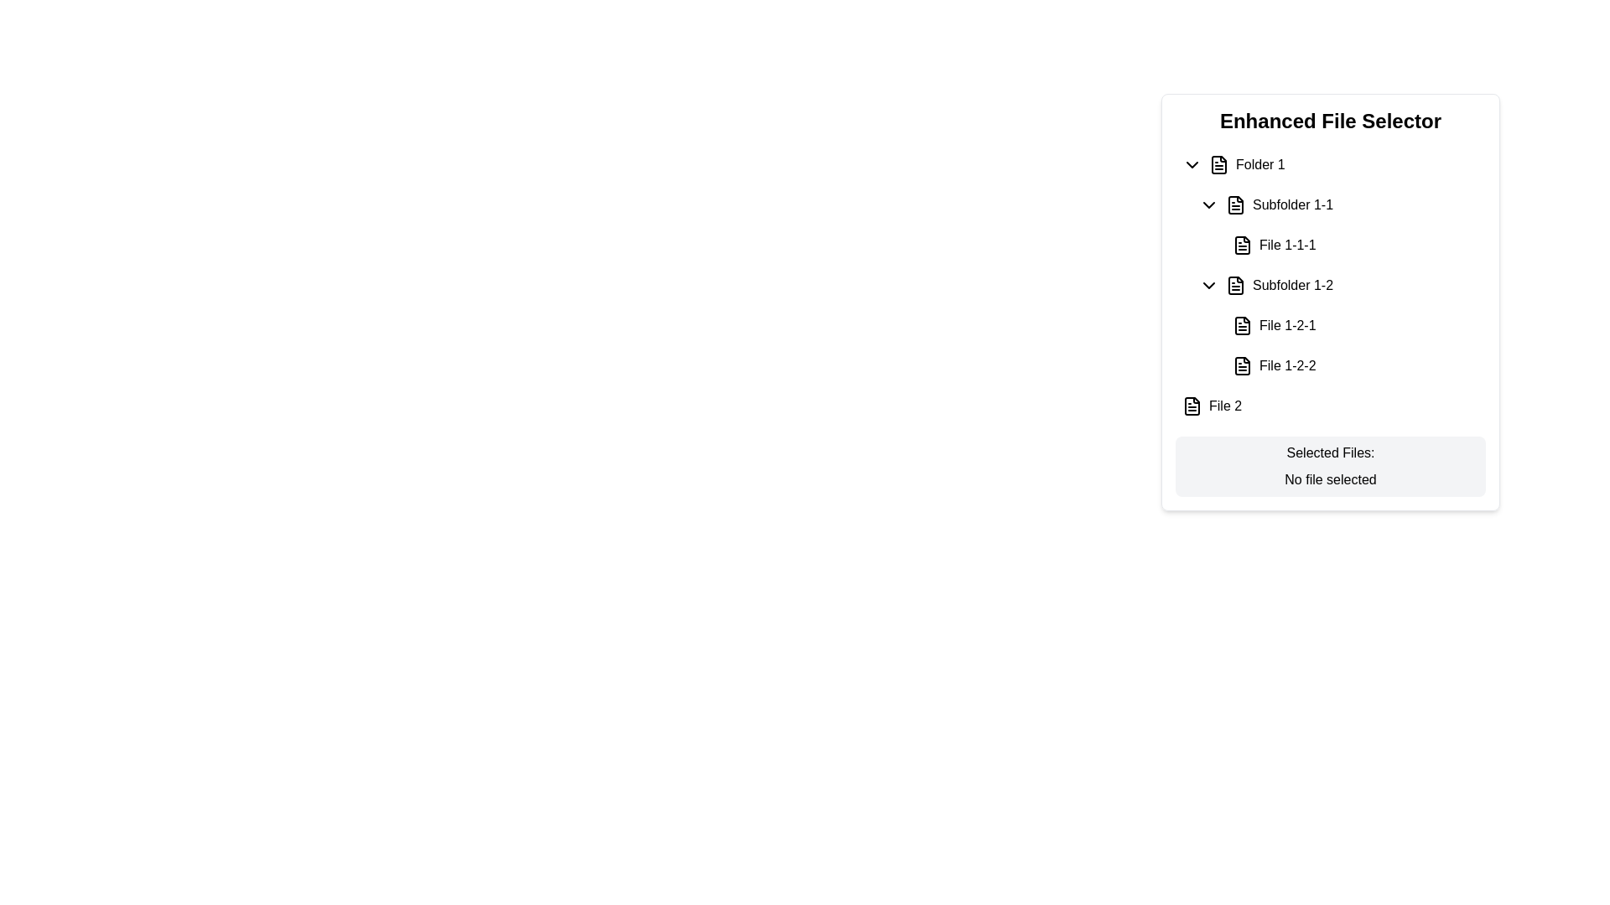 The image size is (1610, 905). I want to click on the file icon adjacent to the label 'Folder 1', so click(1219, 164).